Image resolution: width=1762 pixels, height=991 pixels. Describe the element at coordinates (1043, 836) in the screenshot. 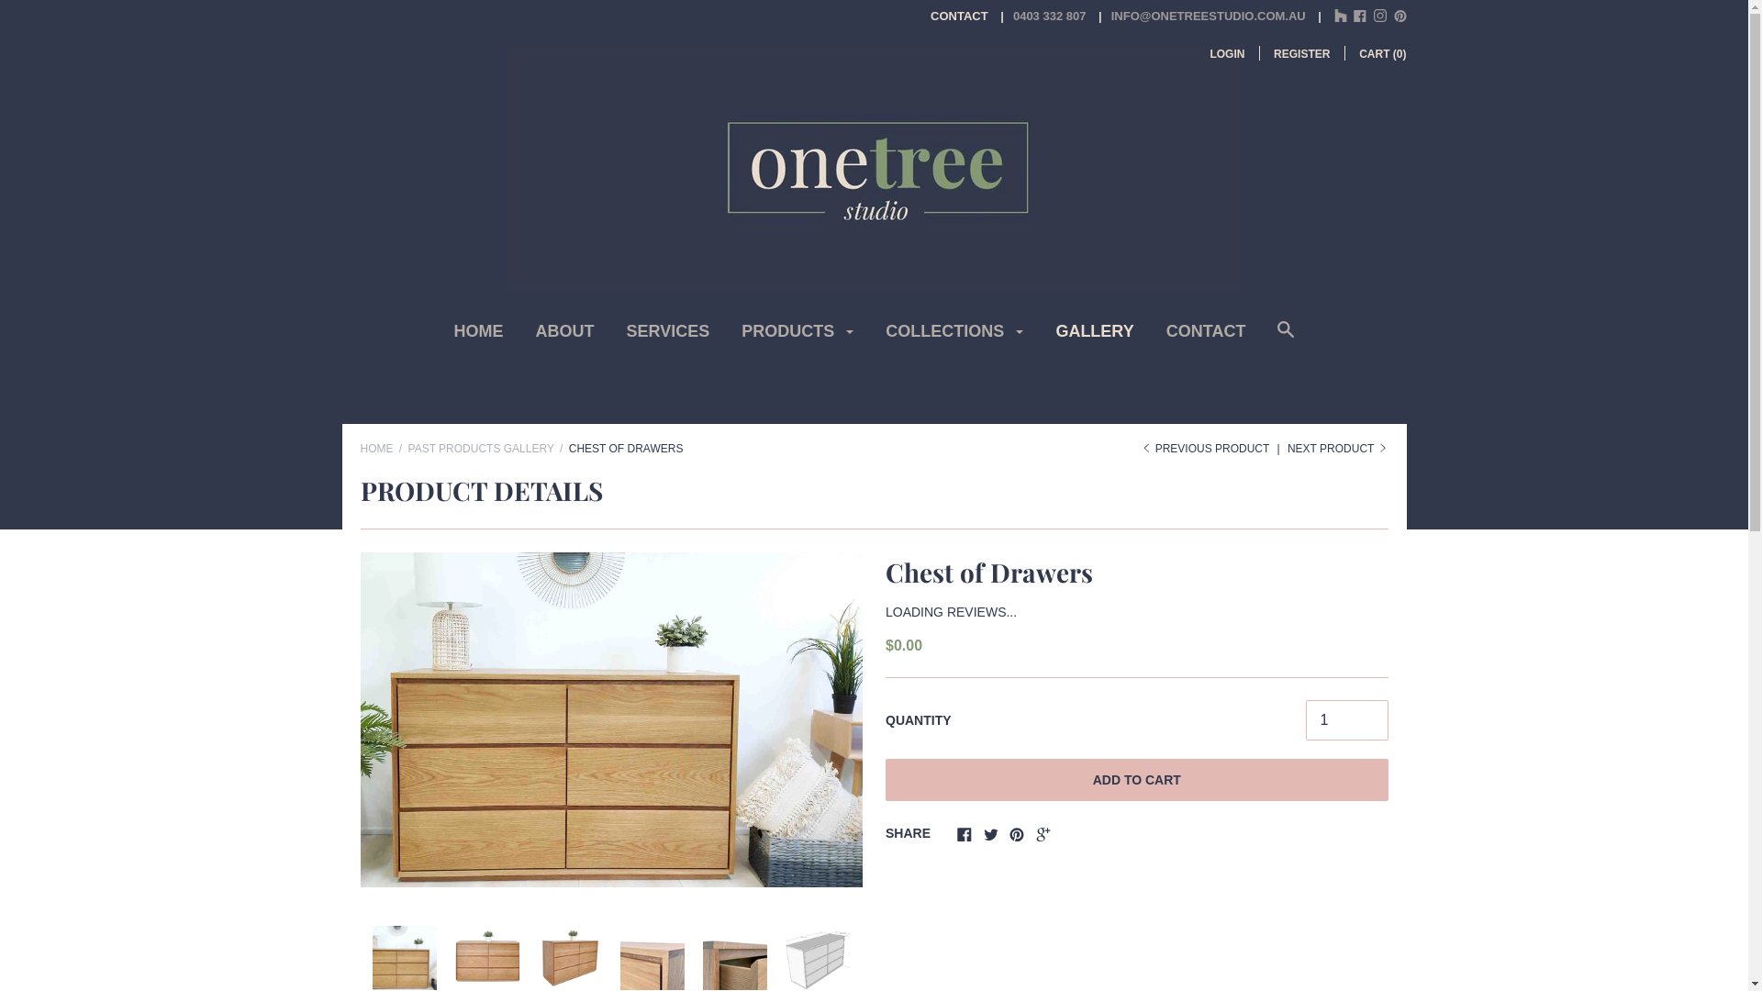

I see `'Google+'` at that location.